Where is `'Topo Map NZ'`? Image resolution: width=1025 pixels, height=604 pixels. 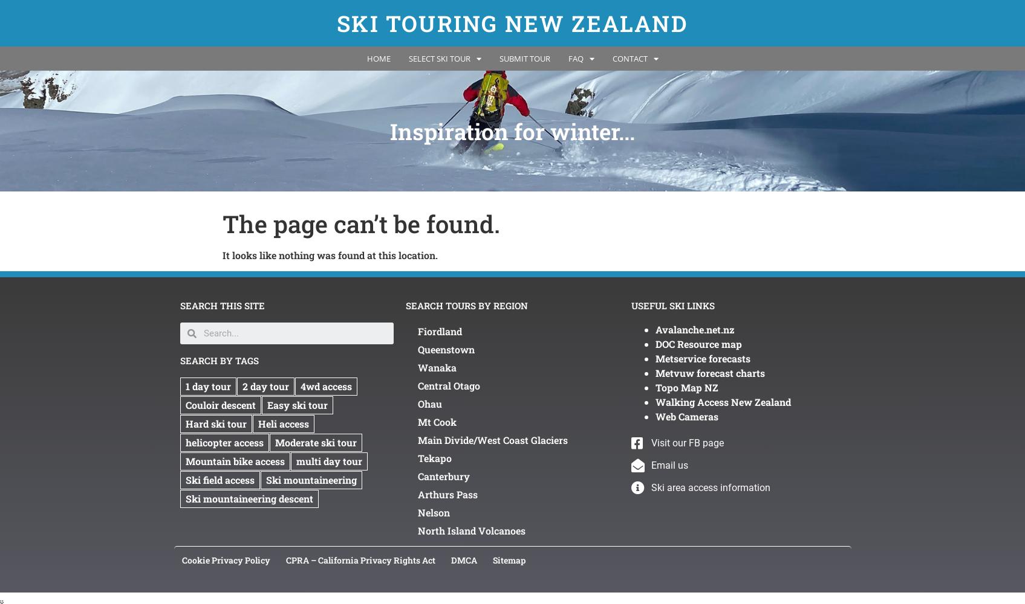
'Topo Map NZ' is located at coordinates (655, 387).